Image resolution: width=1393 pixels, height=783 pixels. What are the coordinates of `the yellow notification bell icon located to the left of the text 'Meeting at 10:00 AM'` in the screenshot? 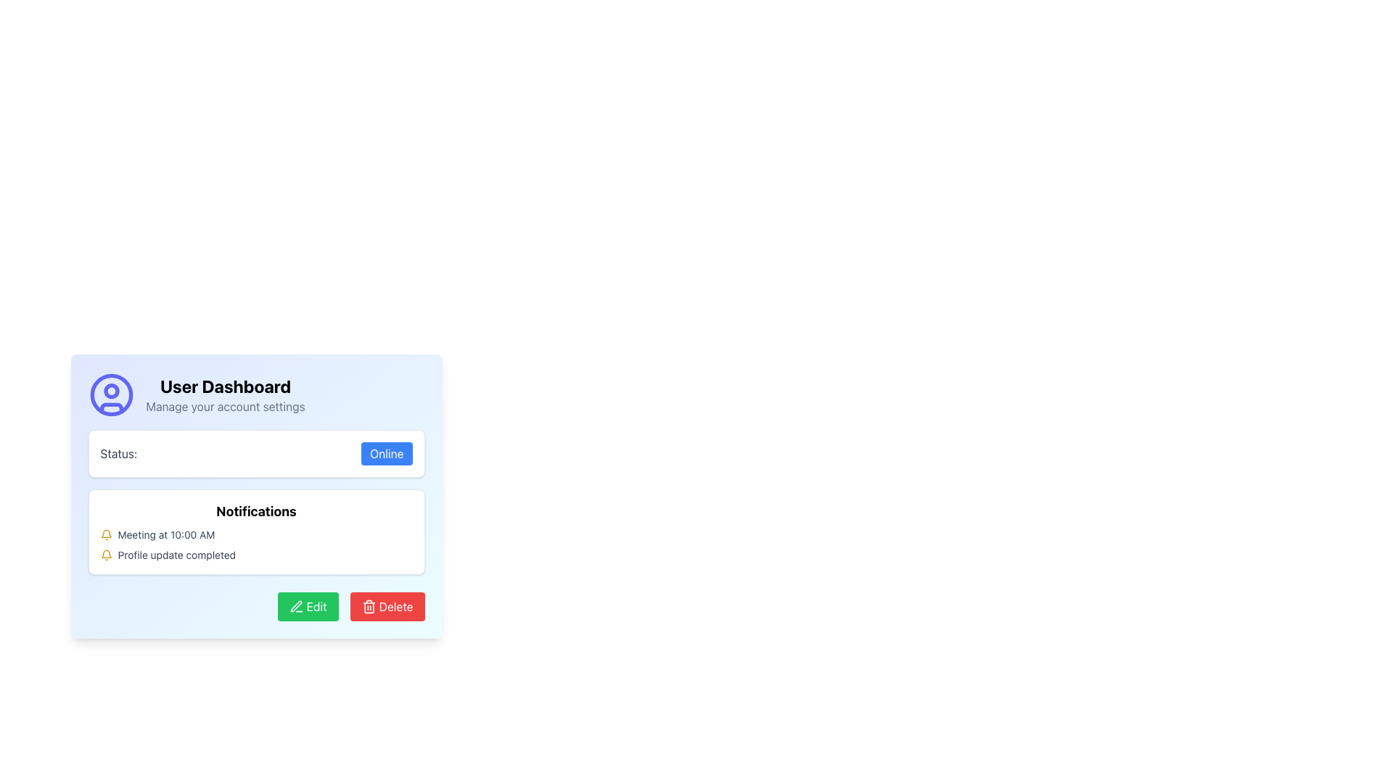 It's located at (105, 534).